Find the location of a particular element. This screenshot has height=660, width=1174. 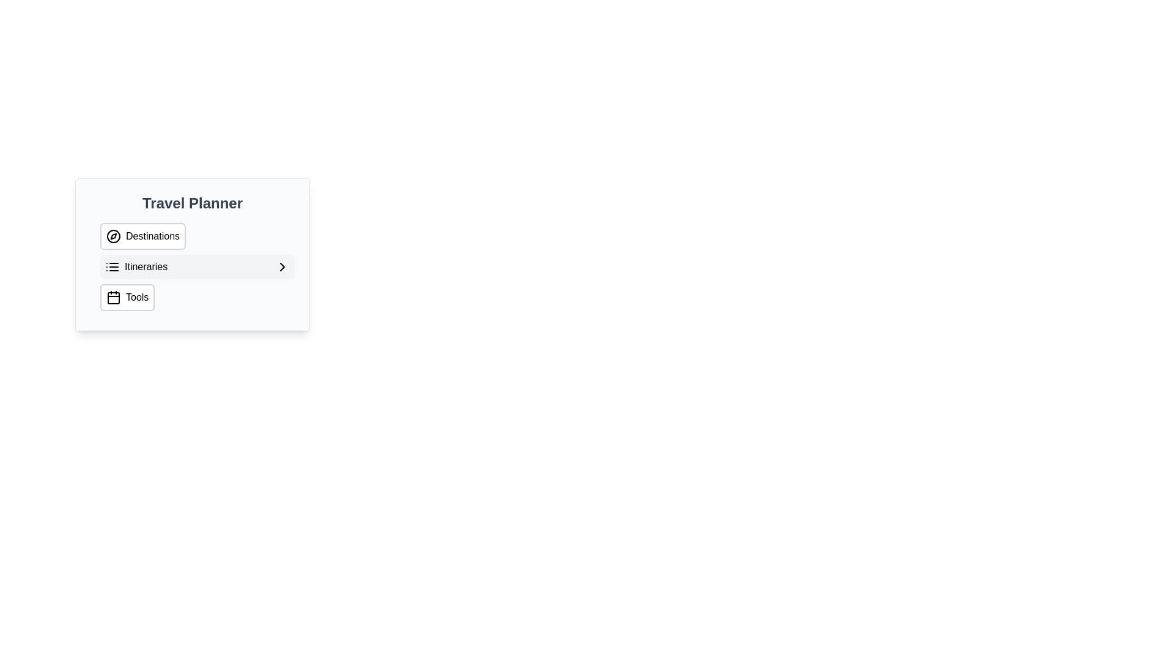

the 'Destinations' button in the Travel Planner section is located at coordinates (143, 236).